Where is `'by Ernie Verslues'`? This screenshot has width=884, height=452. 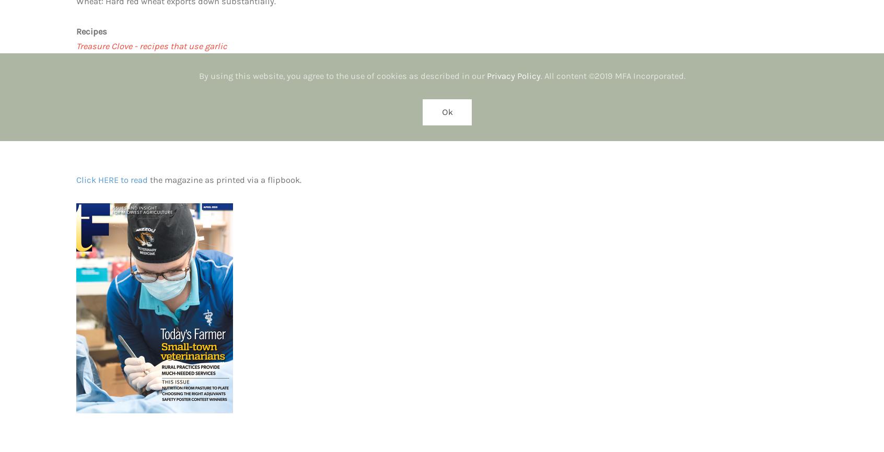 'by Ernie Verslues' is located at coordinates (109, 134).